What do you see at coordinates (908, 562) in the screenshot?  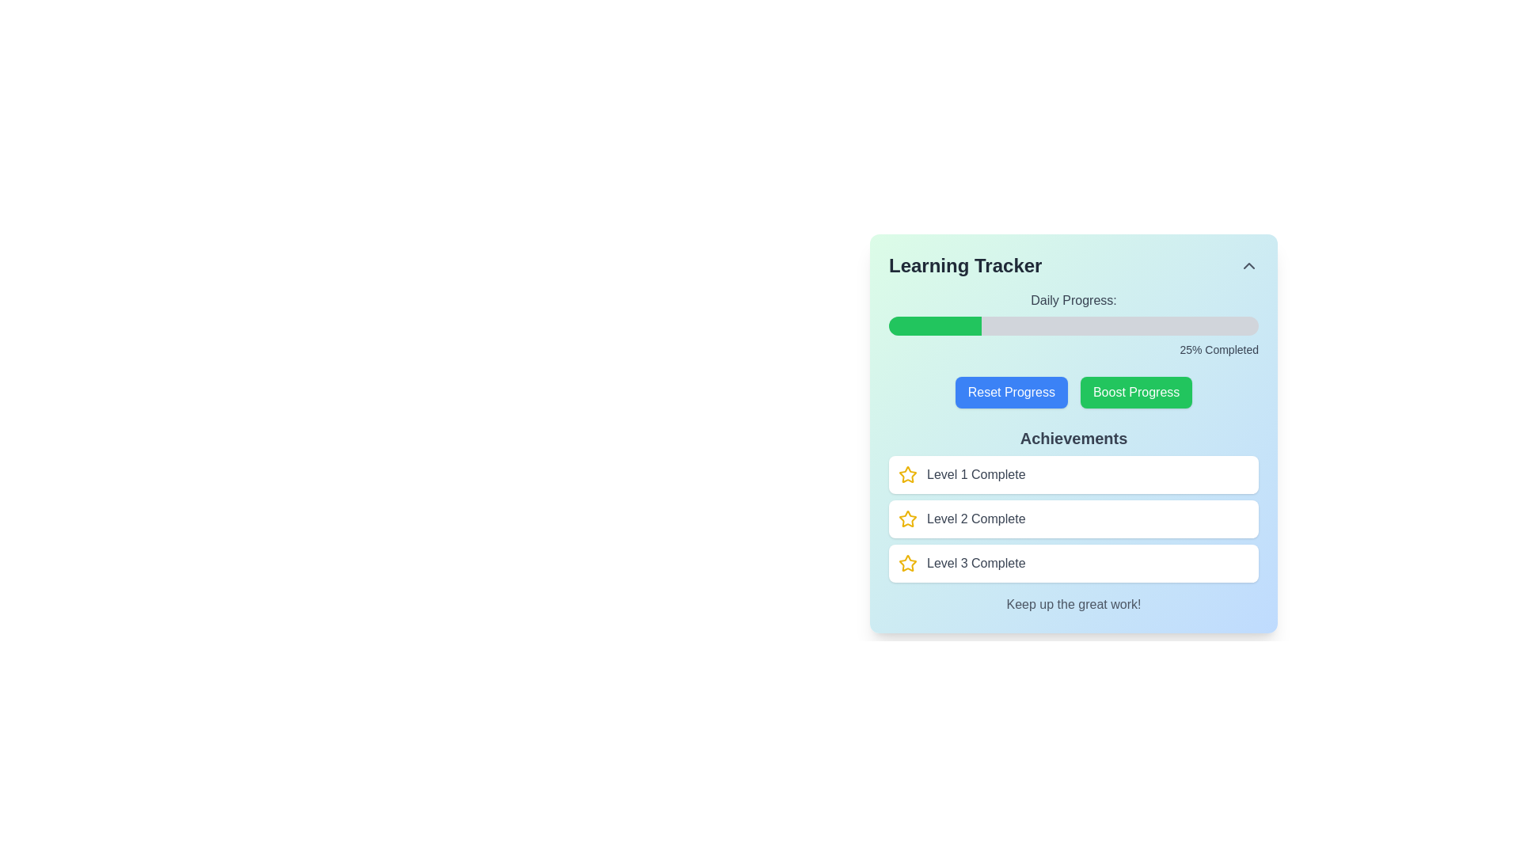 I see `the star icon filled with yellow color, styled as an achievement marker, located to the left of the 'Level 3 Complete' text in the achievements section` at bounding box center [908, 562].